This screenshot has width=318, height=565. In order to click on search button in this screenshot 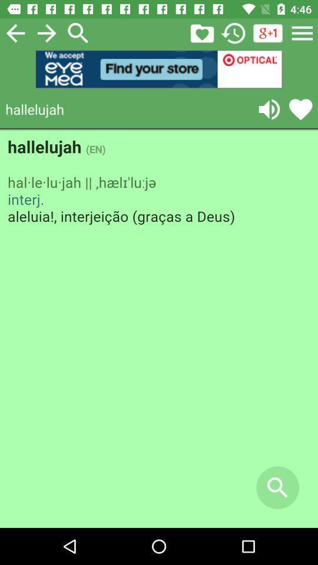, I will do `click(78, 32)`.